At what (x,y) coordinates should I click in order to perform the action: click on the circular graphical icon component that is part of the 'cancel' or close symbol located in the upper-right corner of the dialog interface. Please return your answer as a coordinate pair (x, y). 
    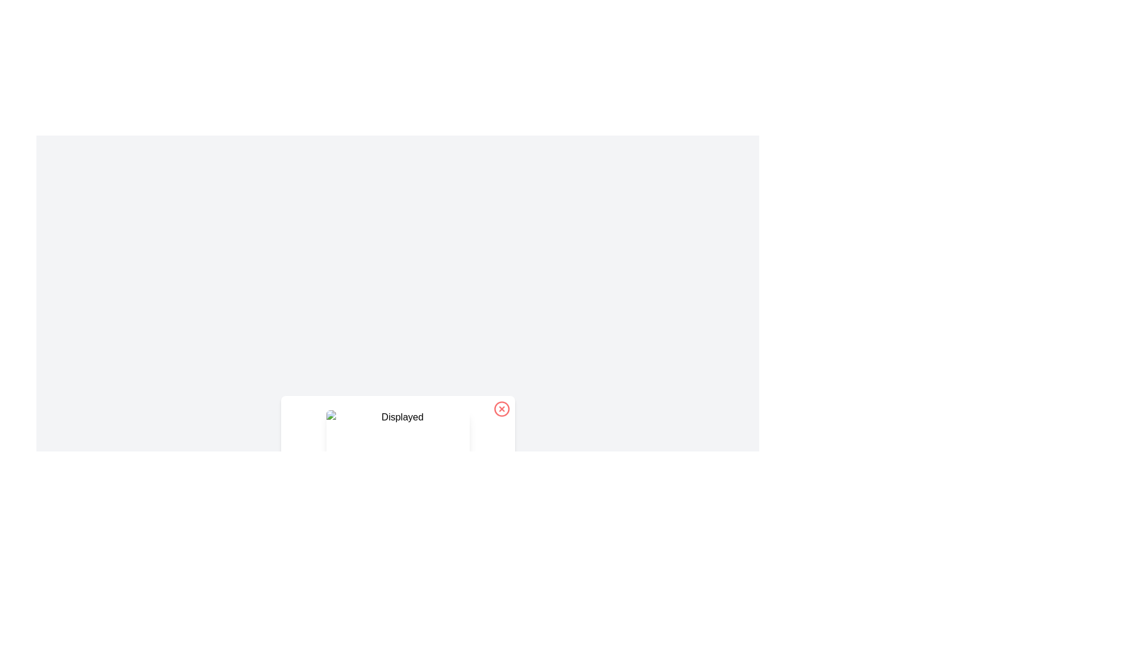
    Looking at the image, I should click on (501, 408).